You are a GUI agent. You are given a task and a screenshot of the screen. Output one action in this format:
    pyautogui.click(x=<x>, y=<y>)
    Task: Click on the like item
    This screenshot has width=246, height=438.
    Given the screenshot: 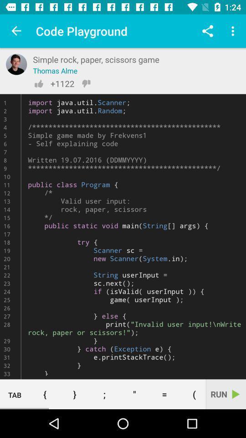 What is the action you would take?
    pyautogui.click(x=38, y=83)
    